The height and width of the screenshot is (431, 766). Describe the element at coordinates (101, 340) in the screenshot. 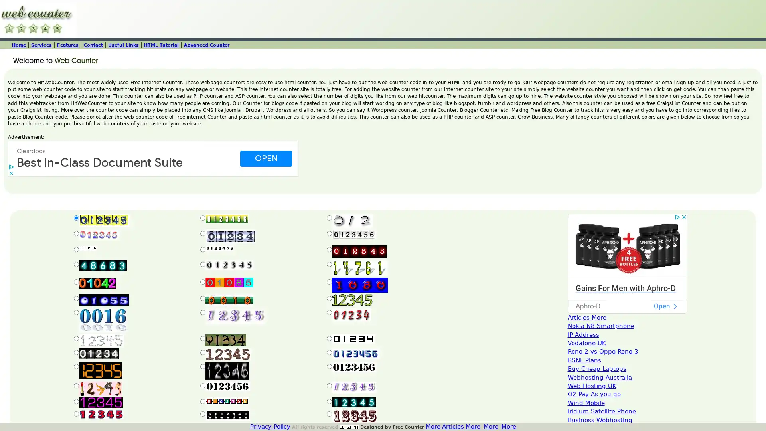

I see `Submit` at that location.